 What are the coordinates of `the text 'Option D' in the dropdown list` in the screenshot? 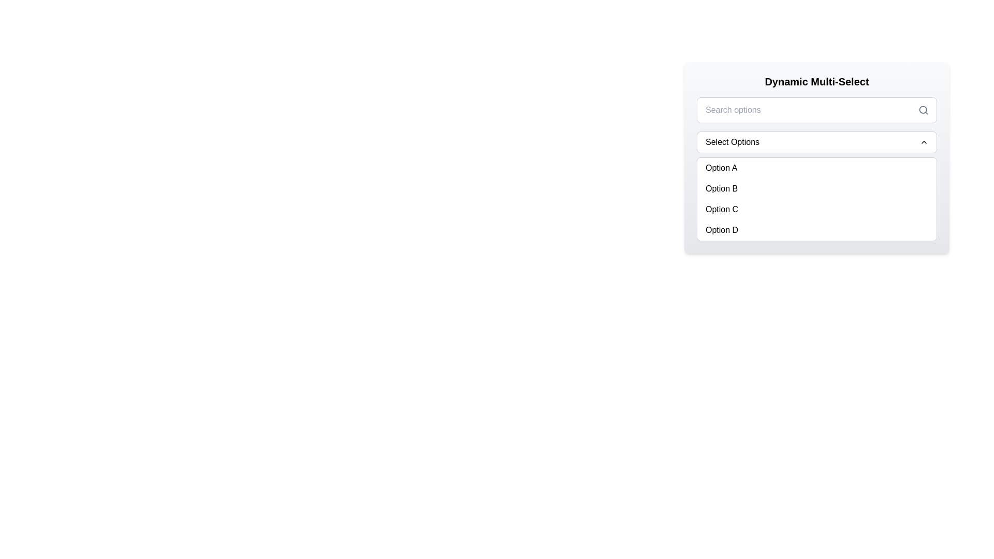 It's located at (721, 229).